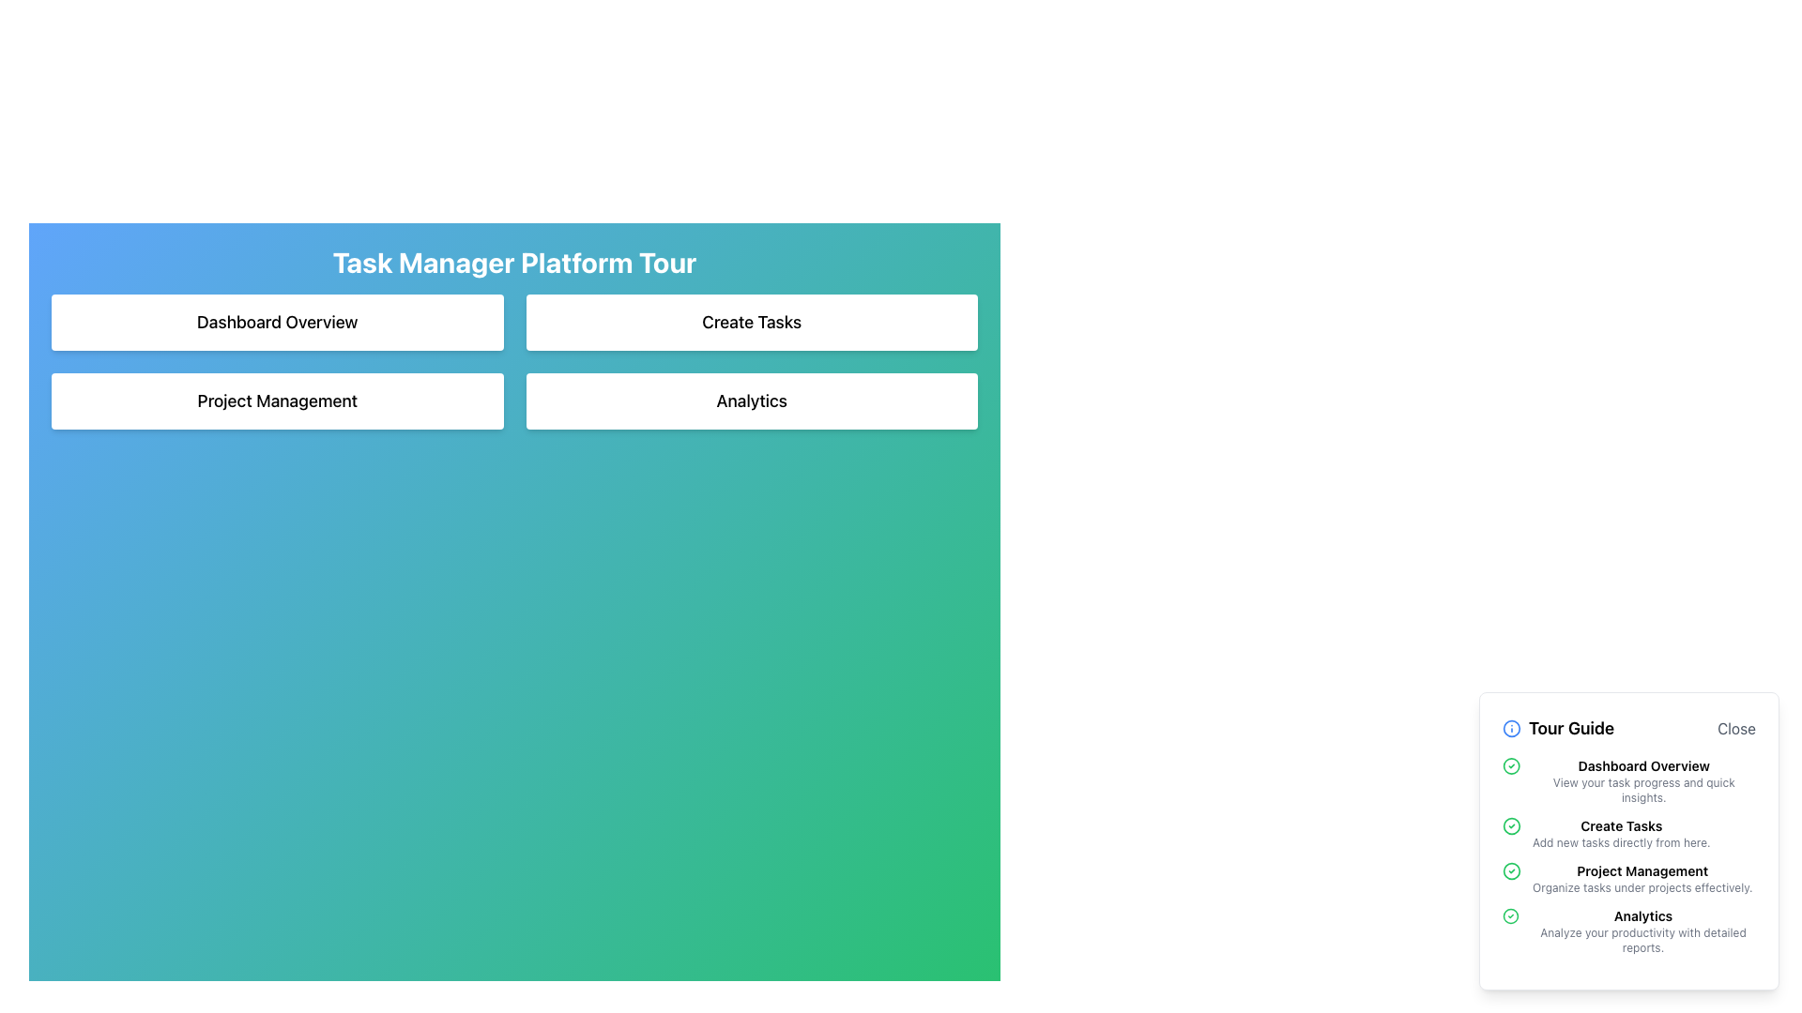 Image resolution: width=1802 pixels, height=1013 pixels. Describe the element at coordinates (1628, 930) in the screenshot. I see `the informational section titled 'Analytics' with a checkmark icon, which is located at the bottom of the tour guide panel` at that location.